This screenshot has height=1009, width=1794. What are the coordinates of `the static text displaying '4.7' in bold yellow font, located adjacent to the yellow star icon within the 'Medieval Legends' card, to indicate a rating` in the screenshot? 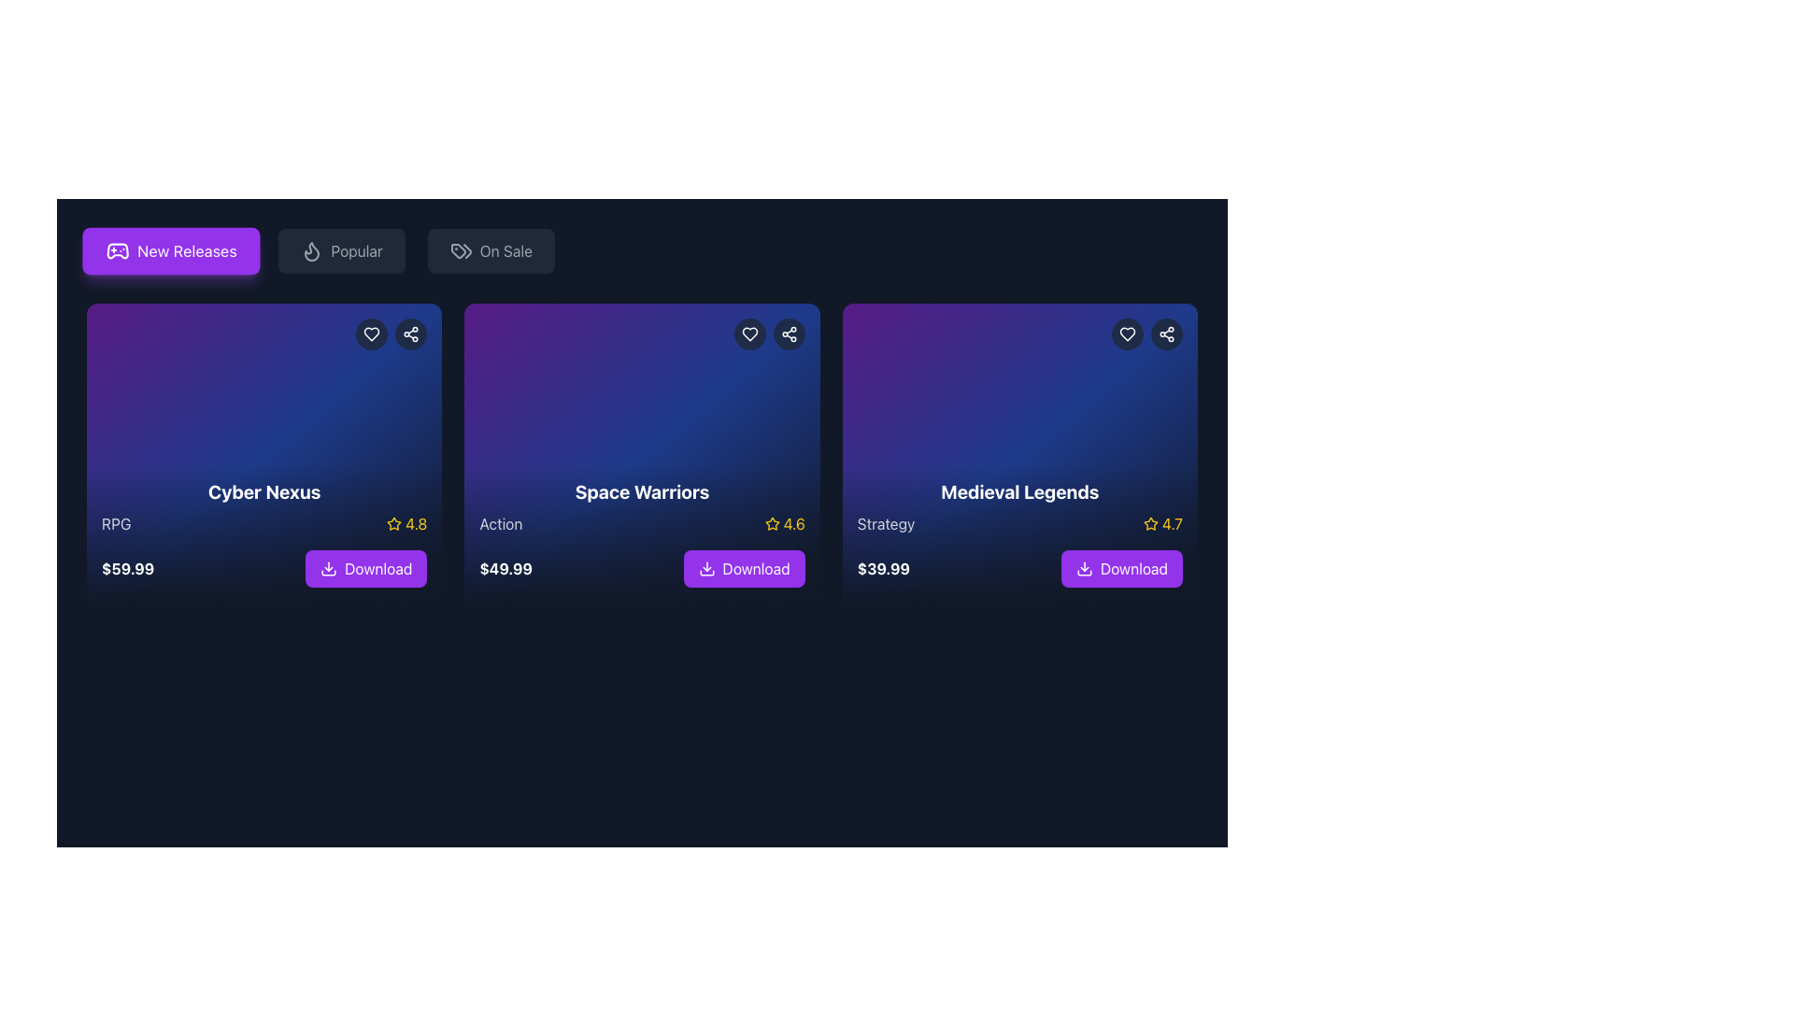 It's located at (1171, 523).